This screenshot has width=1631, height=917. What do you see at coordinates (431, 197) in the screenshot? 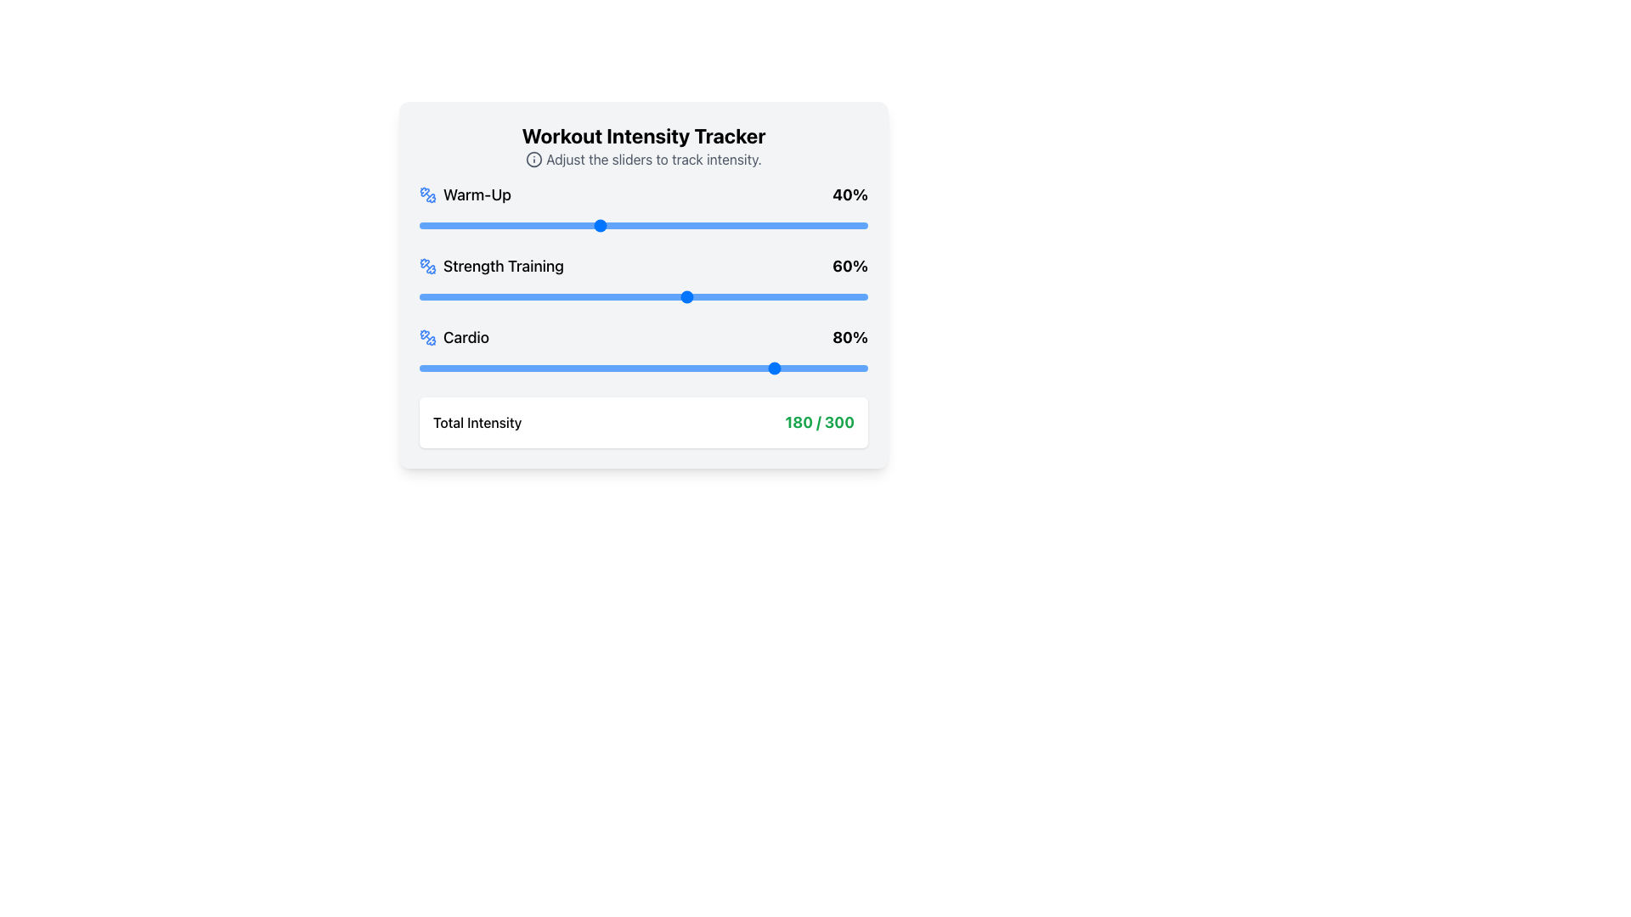
I see `the small blue icon resembling a part of a dumbbell located to the left of the 'Warm-Up' text in the 'Workout Intensity Tracker' section` at bounding box center [431, 197].